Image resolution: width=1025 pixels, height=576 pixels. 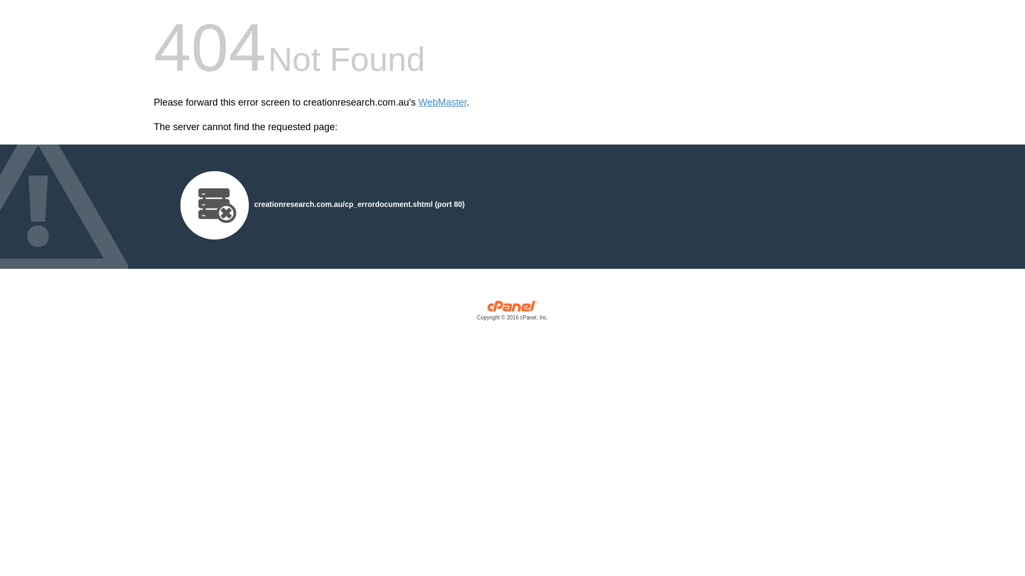 I want to click on 'WebMaster', so click(x=443, y=102).